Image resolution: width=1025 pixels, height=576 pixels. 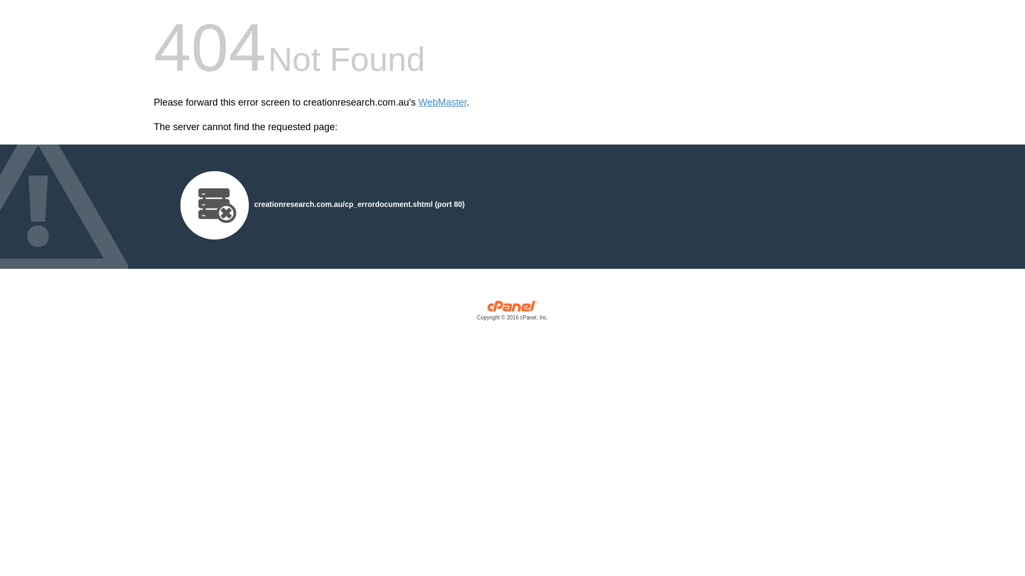 I want to click on 'WebMaster', so click(x=443, y=102).